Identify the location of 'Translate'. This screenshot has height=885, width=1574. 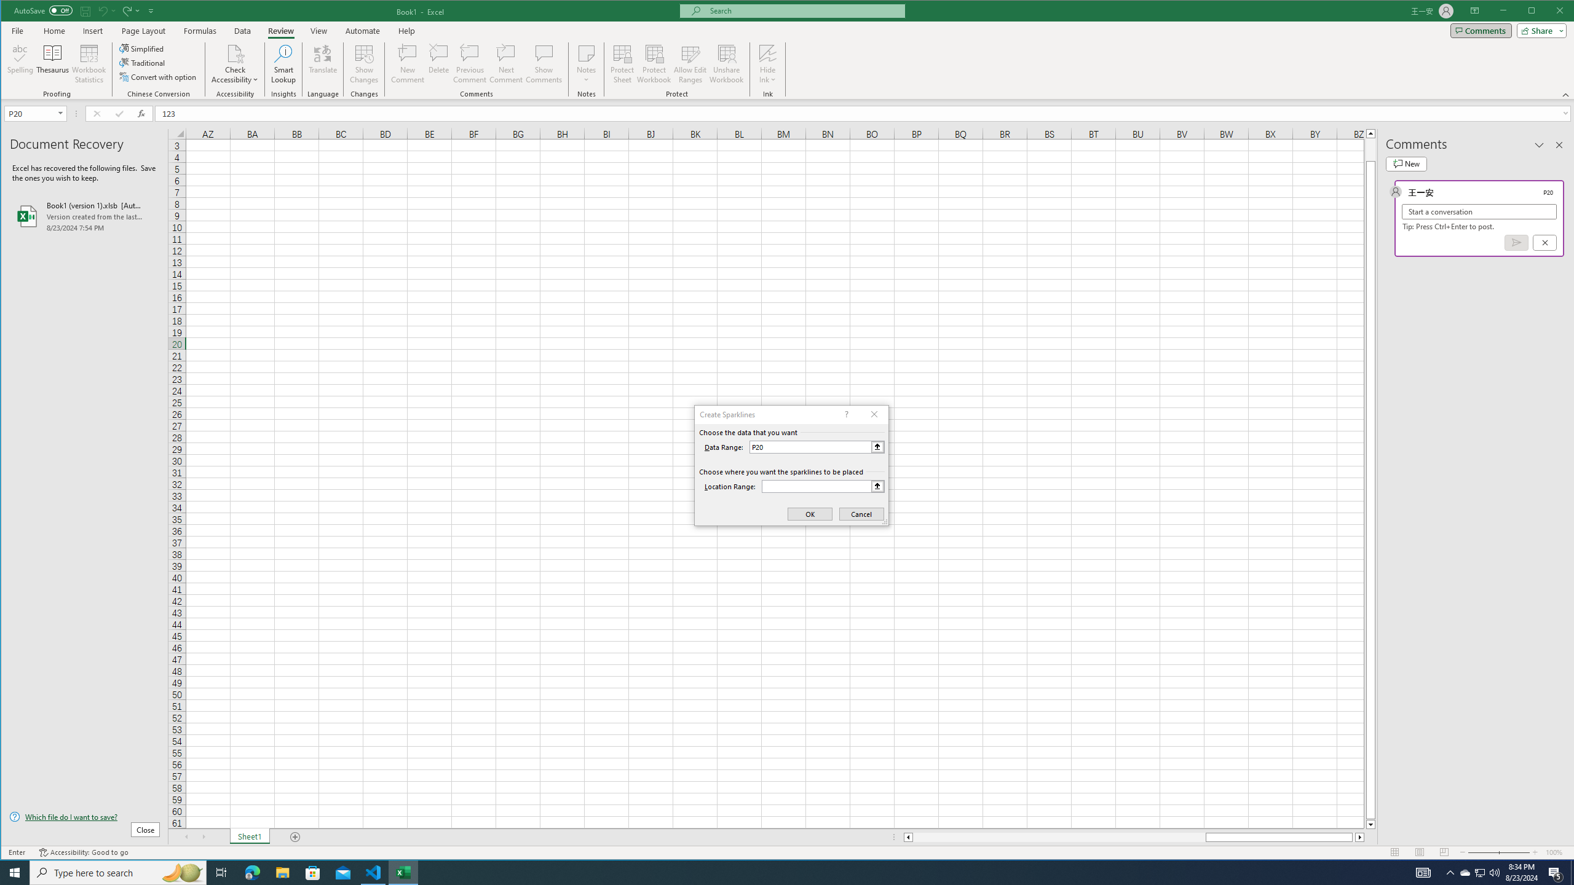
(322, 63).